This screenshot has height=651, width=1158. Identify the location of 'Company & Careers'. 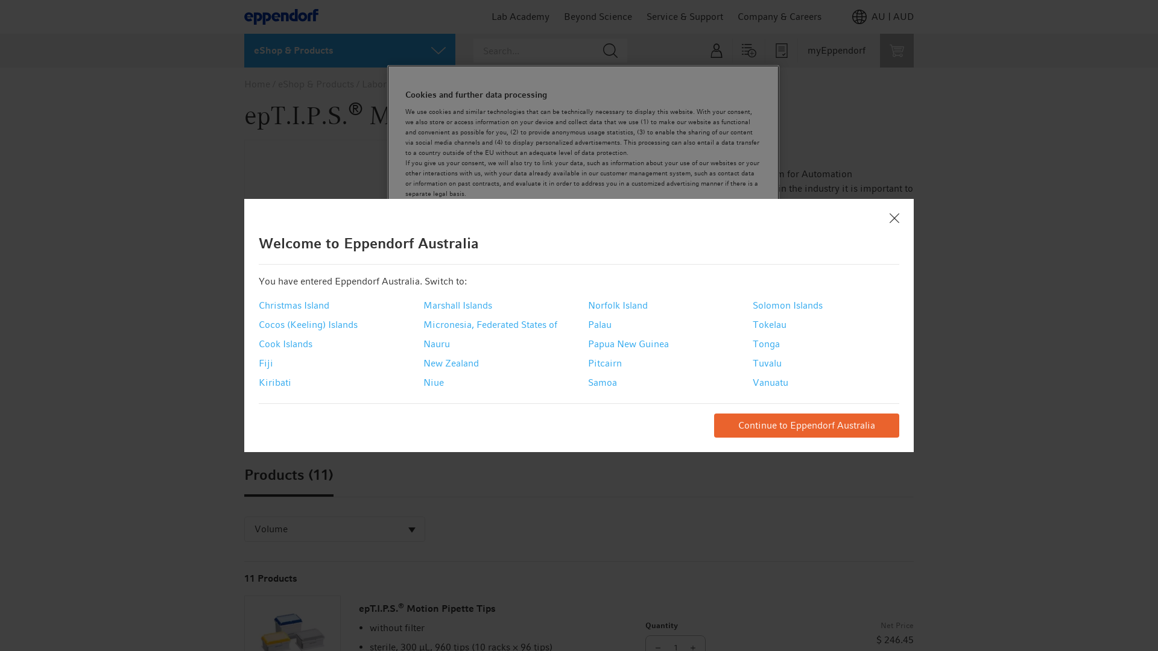
(737, 16).